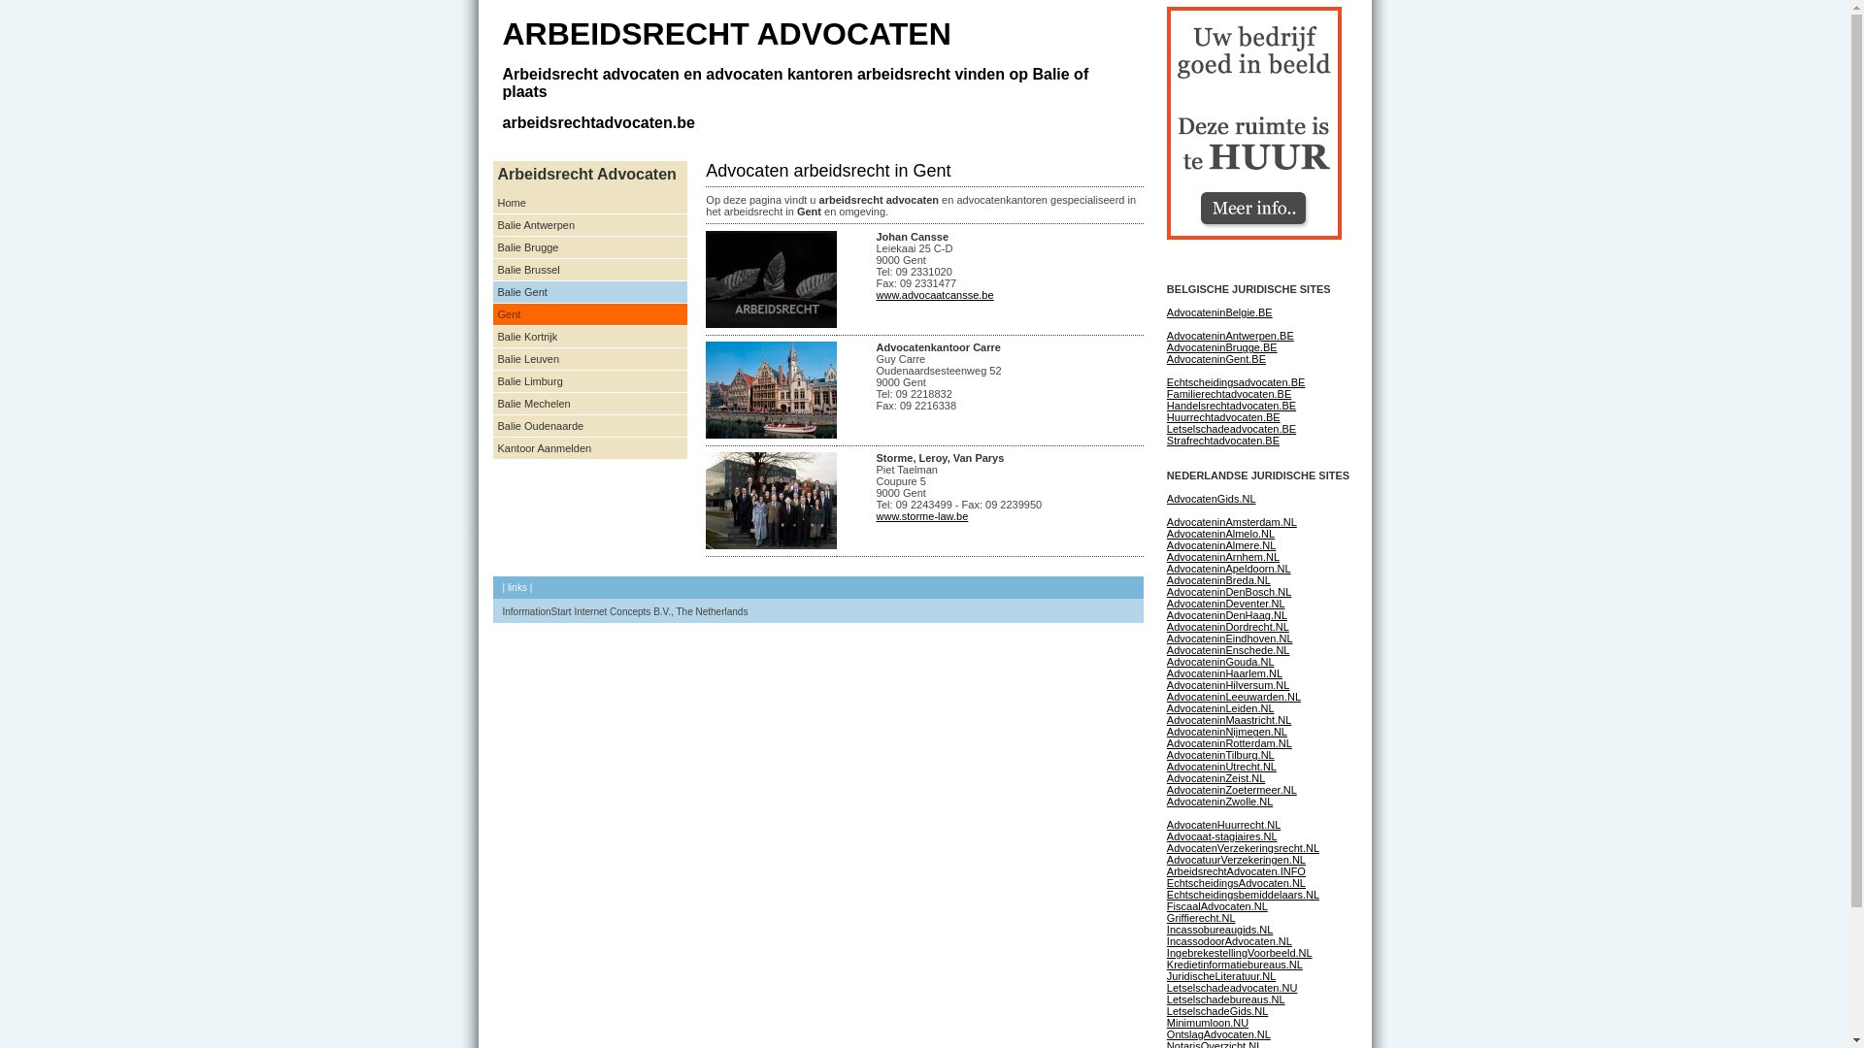 The width and height of the screenshot is (1864, 1048). What do you see at coordinates (1165, 497) in the screenshot?
I see `'AdvocatenGids.NL'` at bounding box center [1165, 497].